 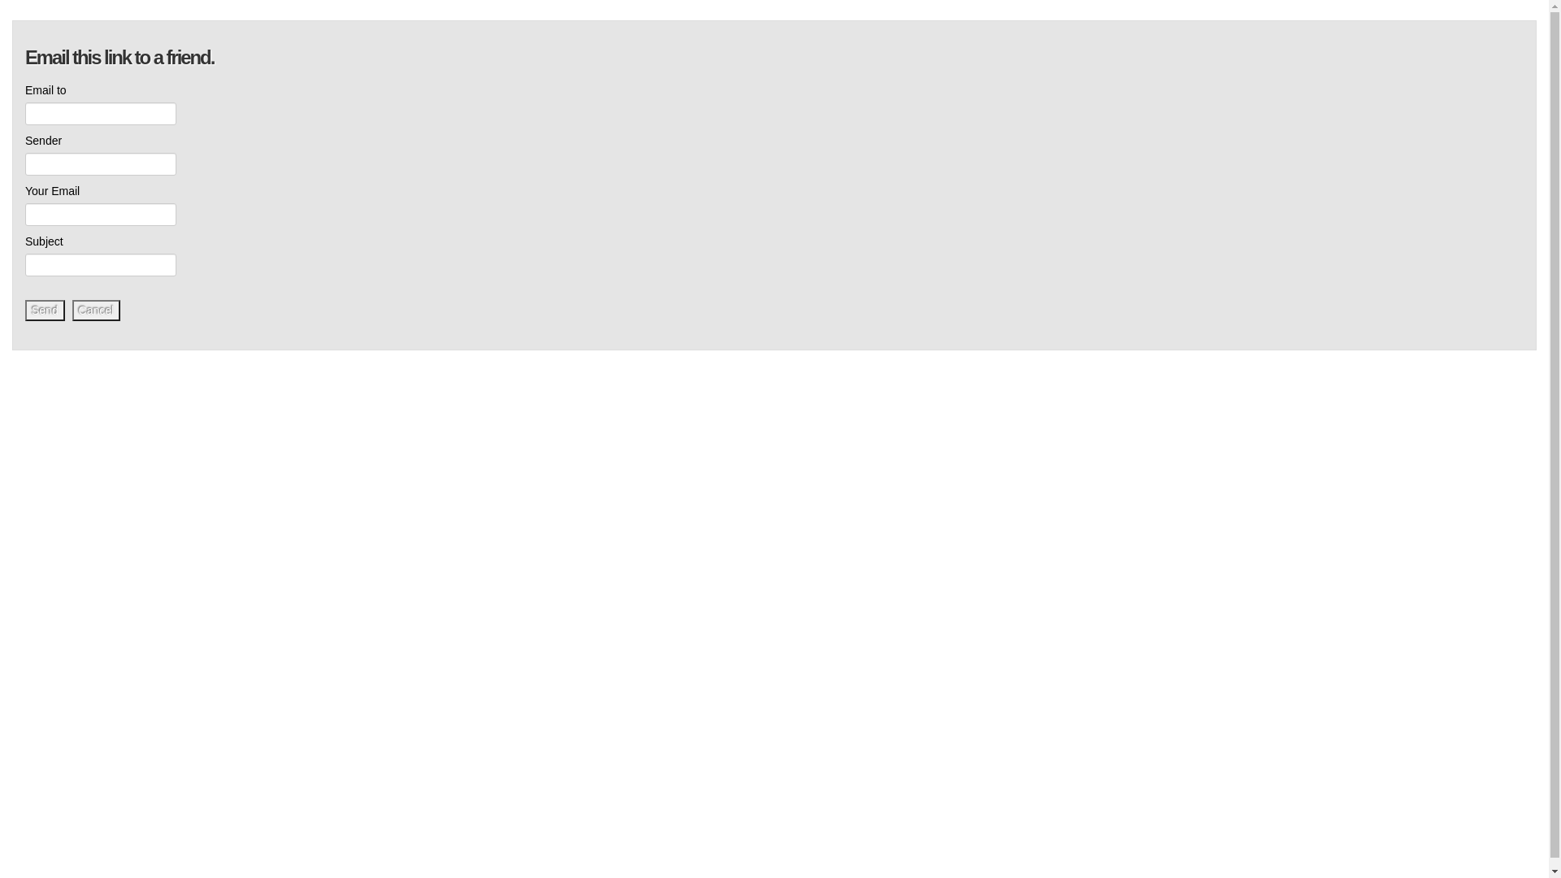 I want to click on 'Cancel', so click(x=96, y=310).